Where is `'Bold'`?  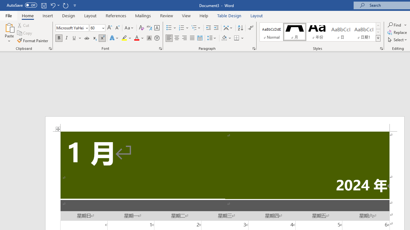
'Bold' is located at coordinates (59, 38).